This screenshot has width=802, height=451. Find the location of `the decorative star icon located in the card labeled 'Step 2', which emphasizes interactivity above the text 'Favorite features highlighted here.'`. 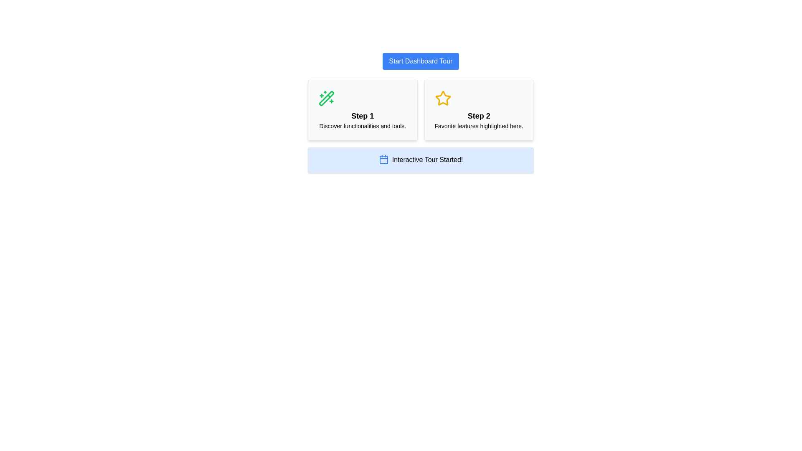

the decorative star icon located in the card labeled 'Step 2', which emphasizes interactivity above the text 'Favorite features highlighted here.' is located at coordinates (442, 98).